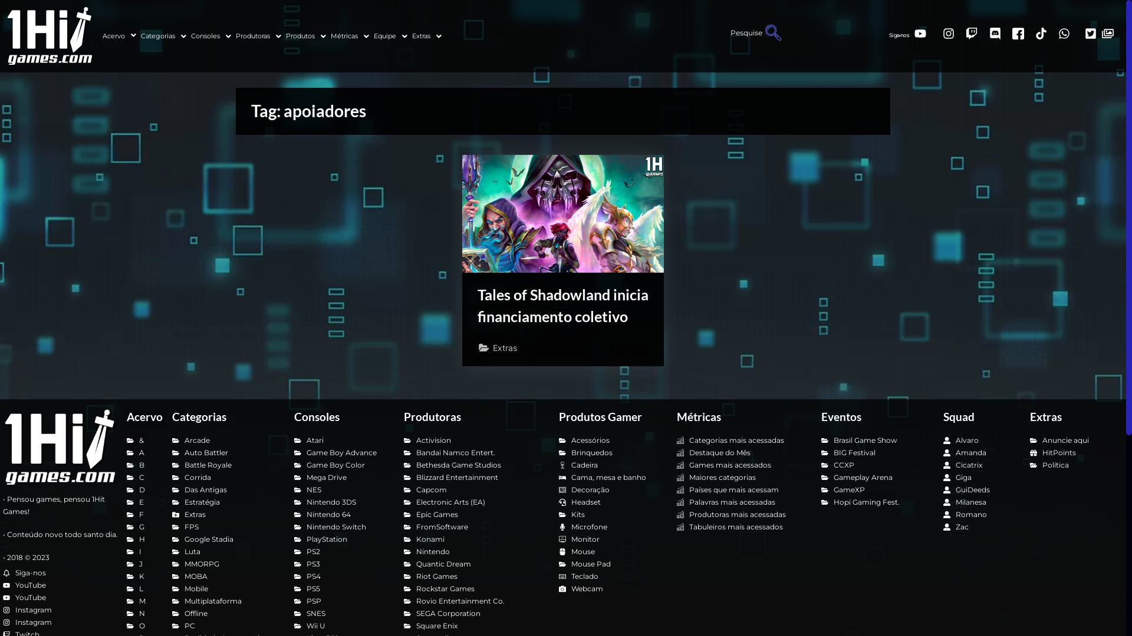  What do you see at coordinates (612, 575) in the screenshot?
I see `'Teclado'` at bounding box center [612, 575].